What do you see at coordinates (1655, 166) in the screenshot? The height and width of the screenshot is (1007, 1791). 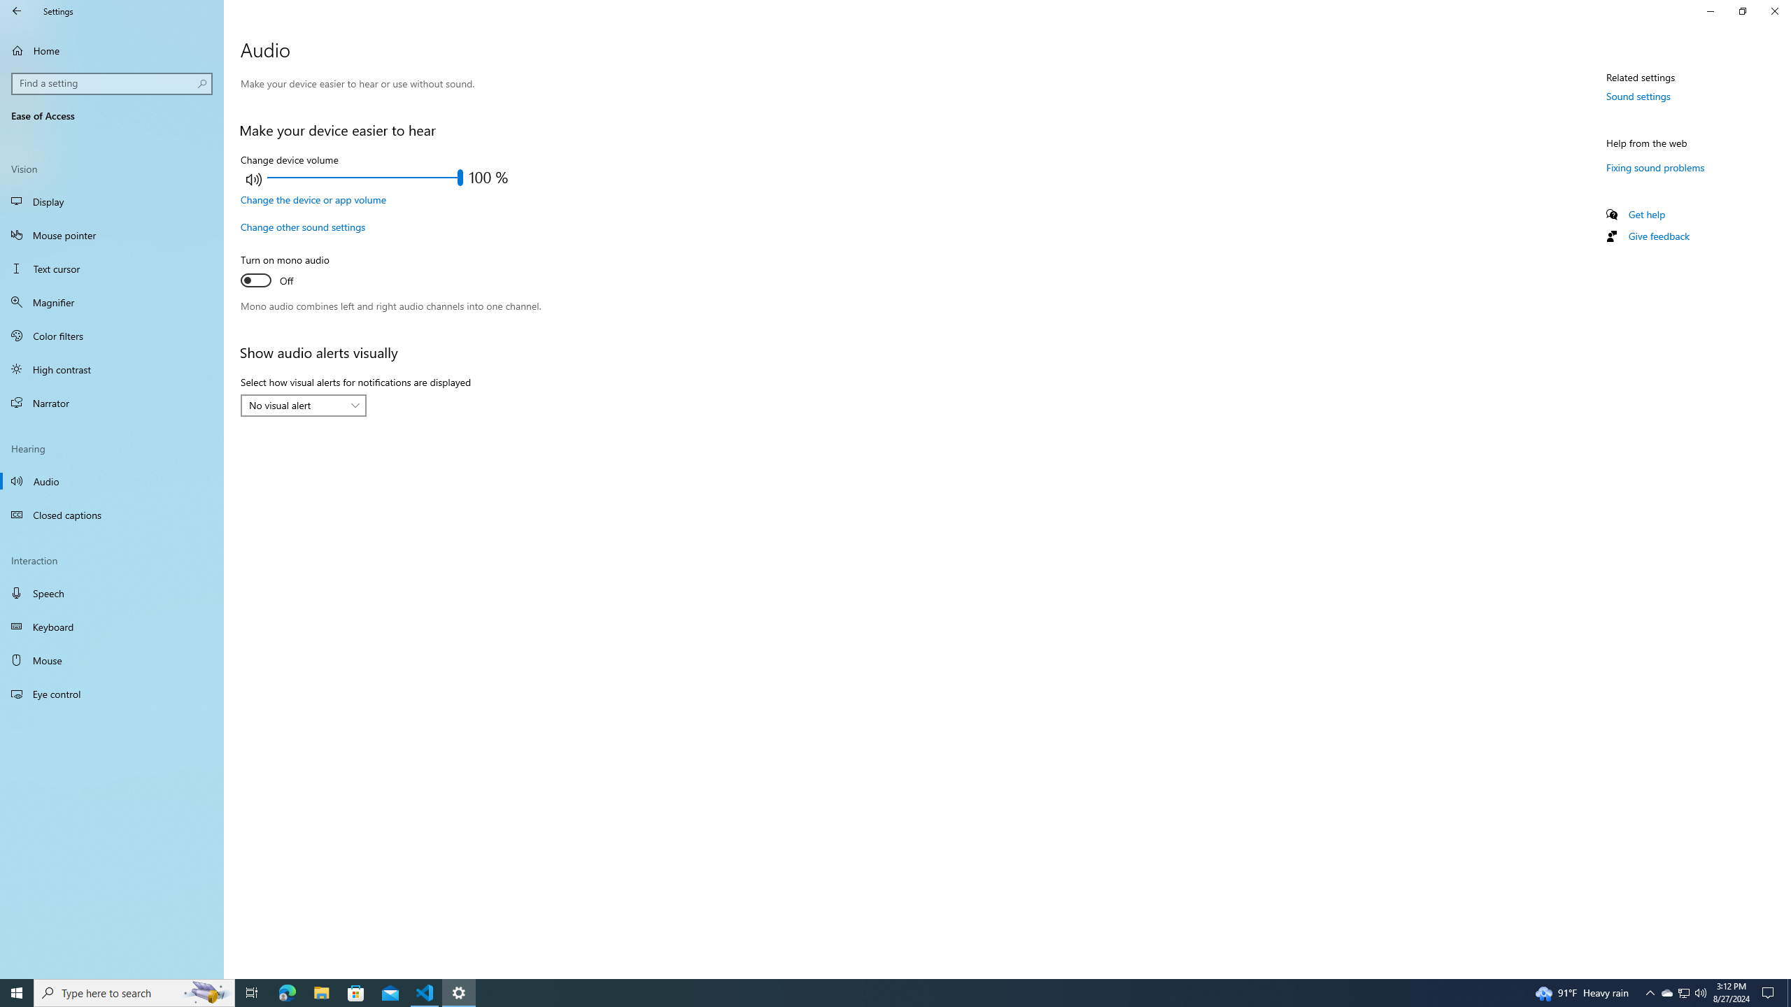 I see `'Fixing sound problems'` at bounding box center [1655, 166].